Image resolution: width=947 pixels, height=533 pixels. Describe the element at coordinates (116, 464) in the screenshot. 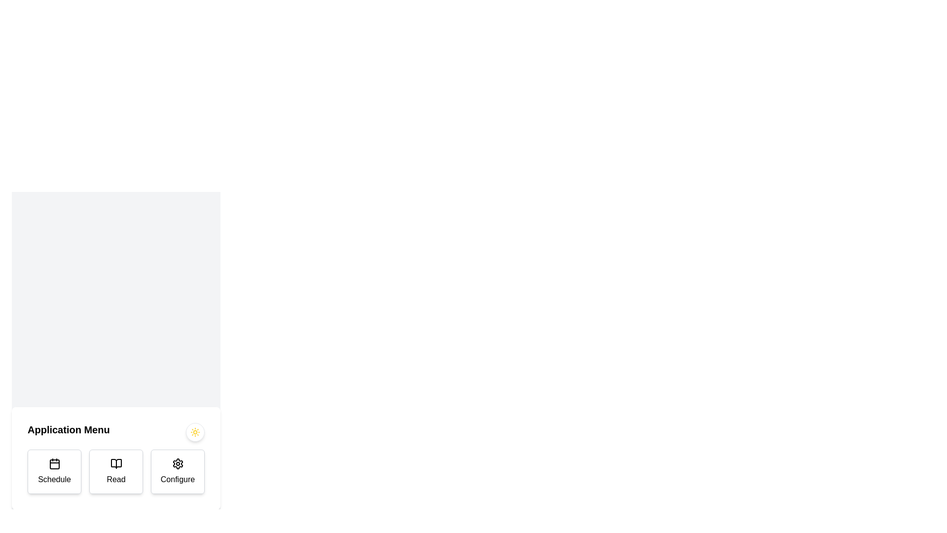

I see `the open book icon above the 'Read' label` at that location.